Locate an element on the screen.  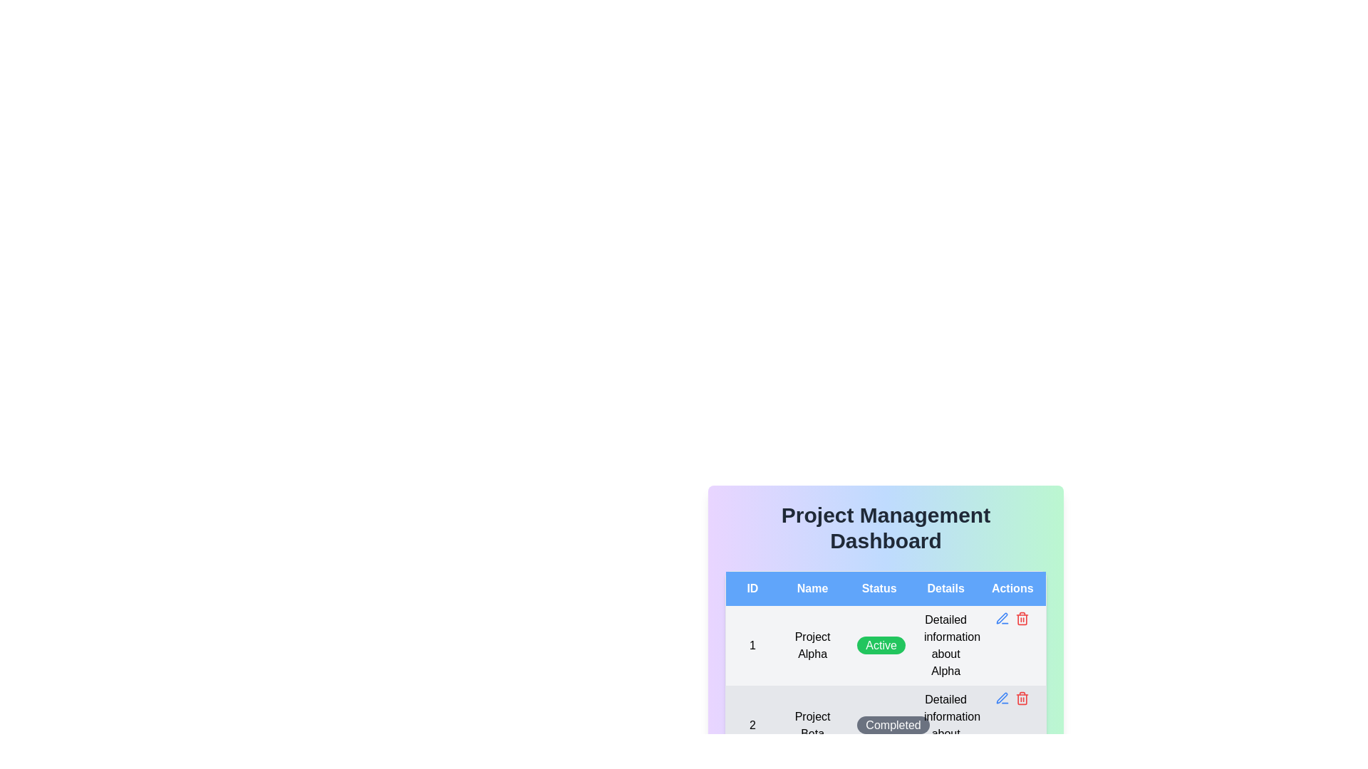
the 'Completed' button, which is a rectangular button with a gray background and white text located is located at coordinates (892, 725).